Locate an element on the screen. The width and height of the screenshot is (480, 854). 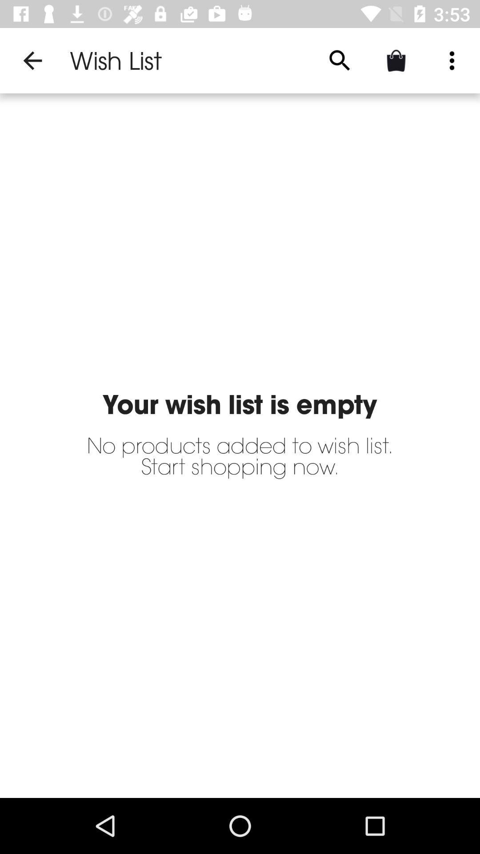
icon above the your wish list icon is located at coordinates (32, 60).